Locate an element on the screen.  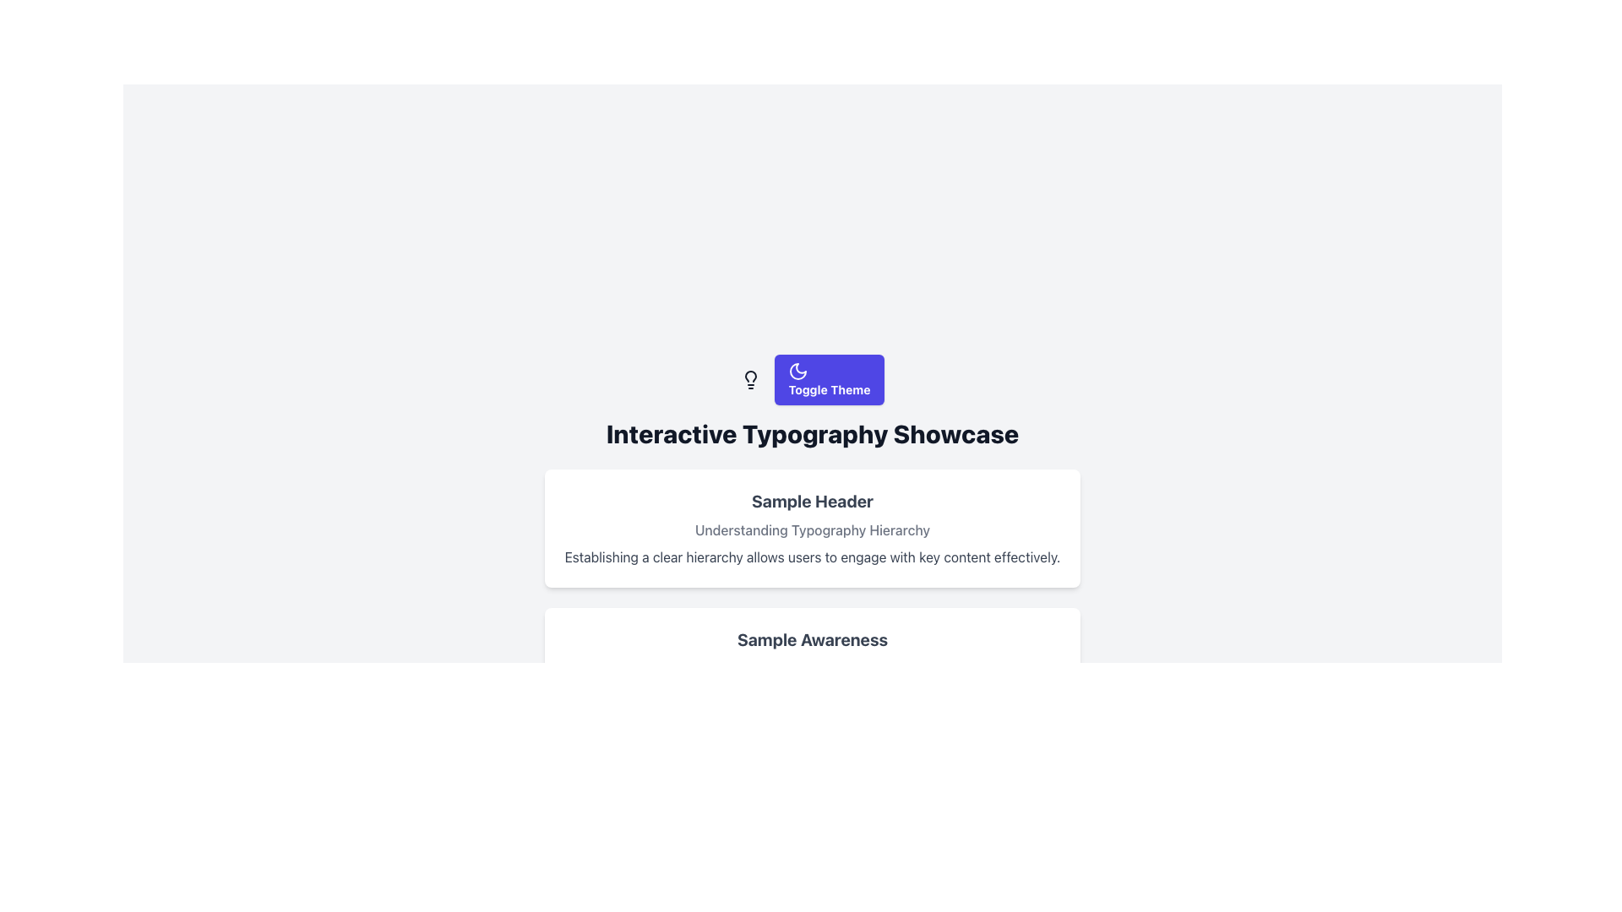
the crescent moon icon located within the 'Toggle Theme' button, which is prominently positioned near the top center of the interface is located at coordinates (797, 370).